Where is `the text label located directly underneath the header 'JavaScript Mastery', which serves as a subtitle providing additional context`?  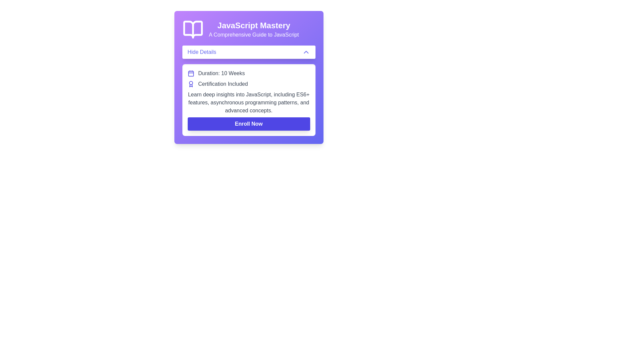 the text label located directly underneath the header 'JavaScript Mastery', which serves as a subtitle providing additional context is located at coordinates (253, 35).